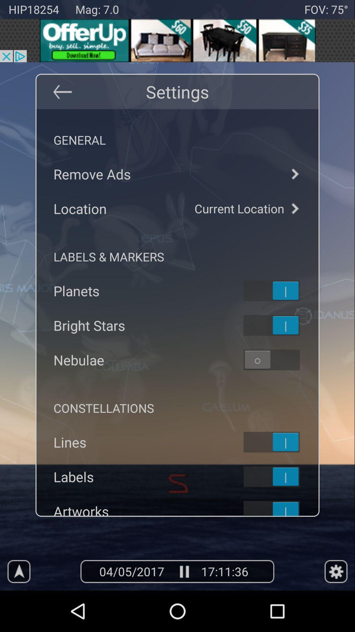  What do you see at coordinates (280, 477) in the screenshot?
I see `on-off` at bounding box center [280, 477].